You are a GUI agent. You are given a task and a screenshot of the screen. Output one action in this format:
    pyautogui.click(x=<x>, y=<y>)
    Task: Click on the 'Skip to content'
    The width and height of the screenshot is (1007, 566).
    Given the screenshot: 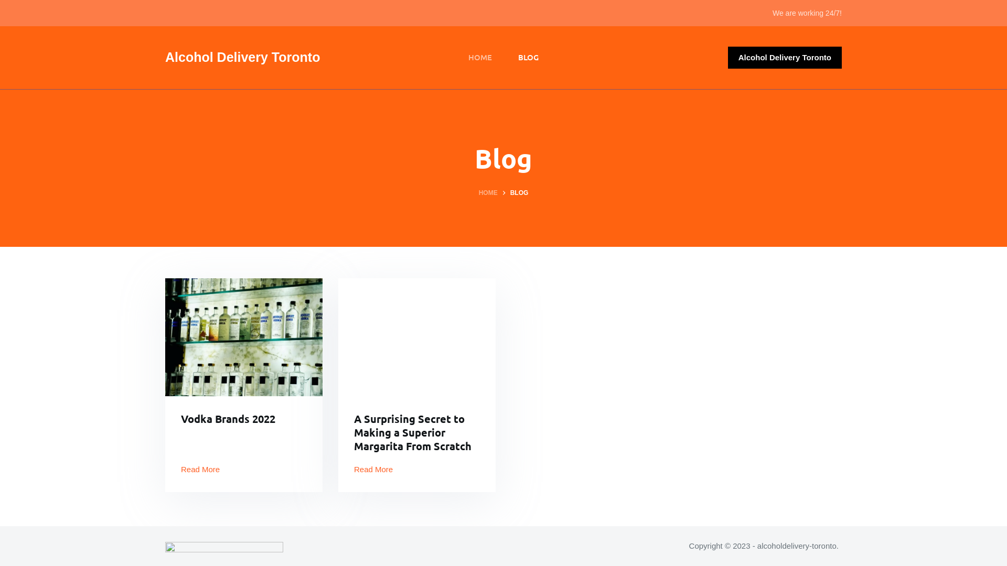 What is the action you would take?
    pyautogui.click(x=10, y=5)
    